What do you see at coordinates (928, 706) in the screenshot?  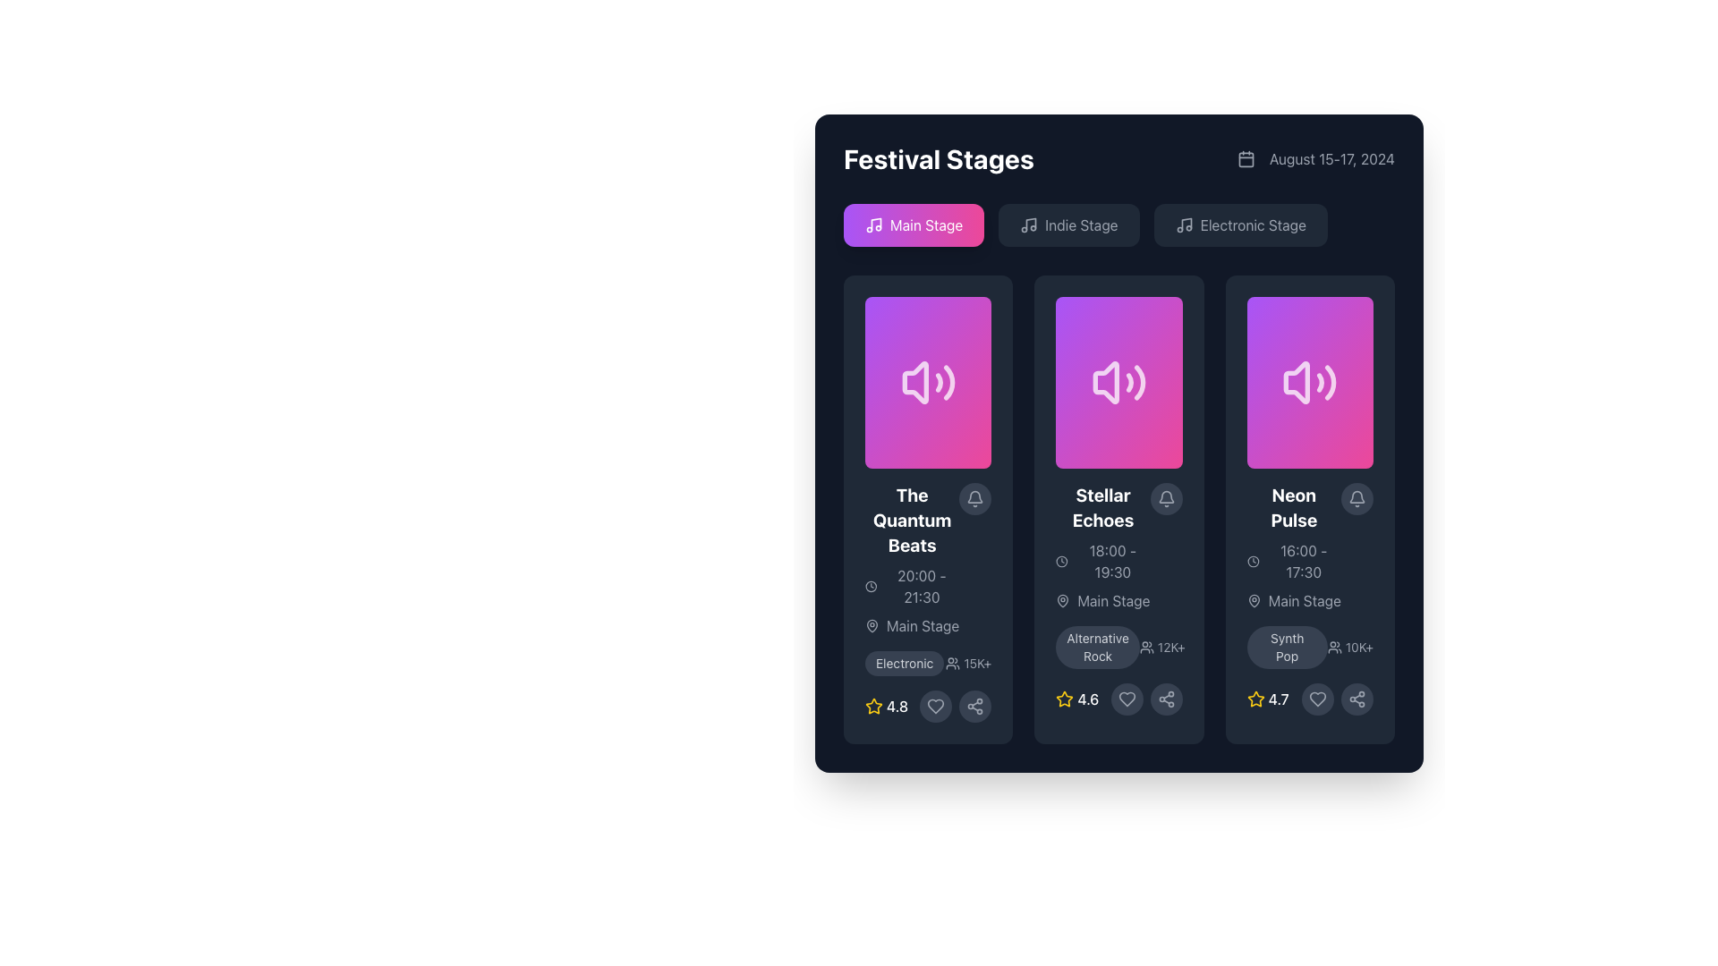 I see `the heart icon on the circular button located in the lower right corner of 'The Quantum Beats' card to mark it as favorite` at bounding box center [928, 706].